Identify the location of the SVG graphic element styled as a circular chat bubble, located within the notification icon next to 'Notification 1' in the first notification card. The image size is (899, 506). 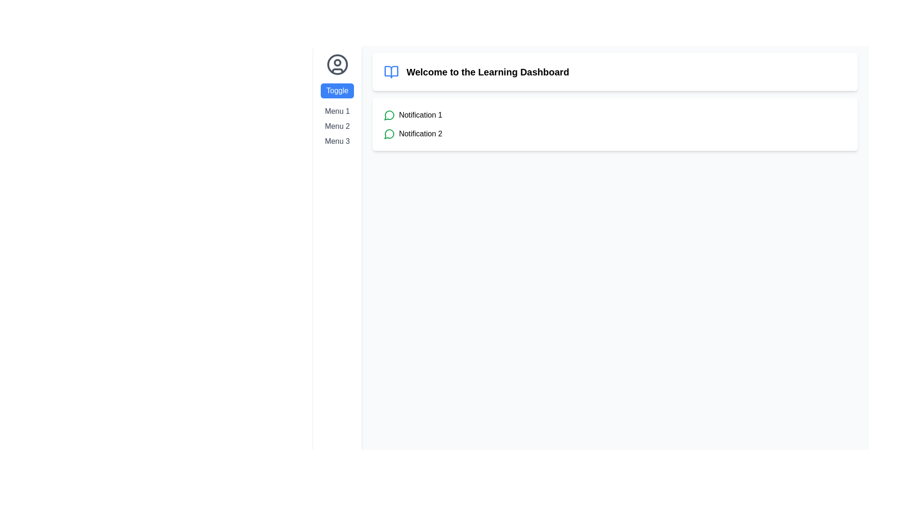
(389, 134).